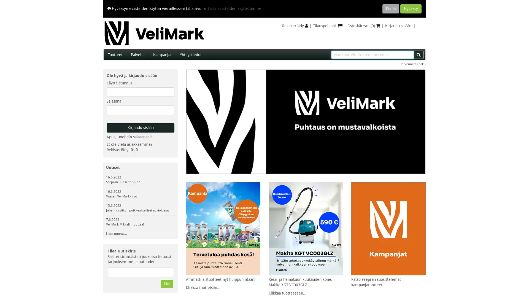  What do you see at coordinates (166, 284) in the screenshot?
I see `Tilaa` at bounding box center [166, 284].